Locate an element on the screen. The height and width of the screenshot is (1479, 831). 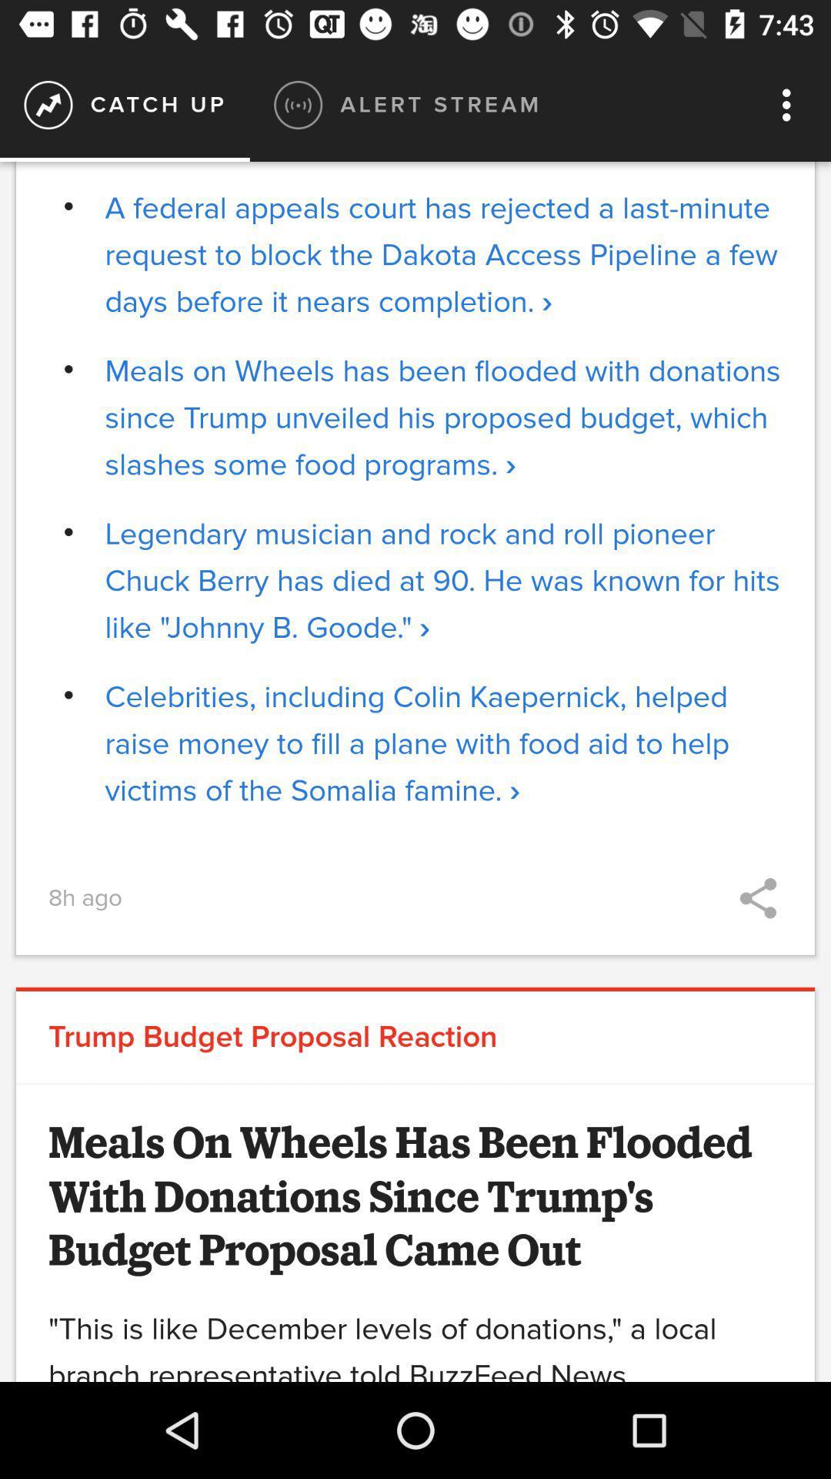
item to the right of alert stream icon is located at coordinates (790, 104).